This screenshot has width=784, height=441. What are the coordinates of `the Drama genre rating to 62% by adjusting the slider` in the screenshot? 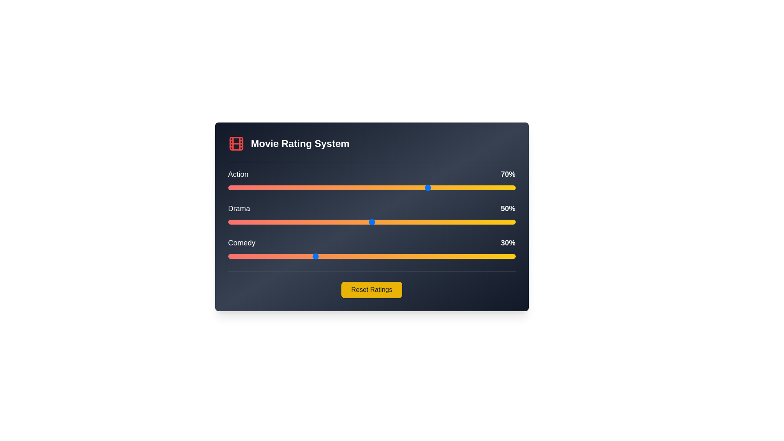 It's located at (406, 222).